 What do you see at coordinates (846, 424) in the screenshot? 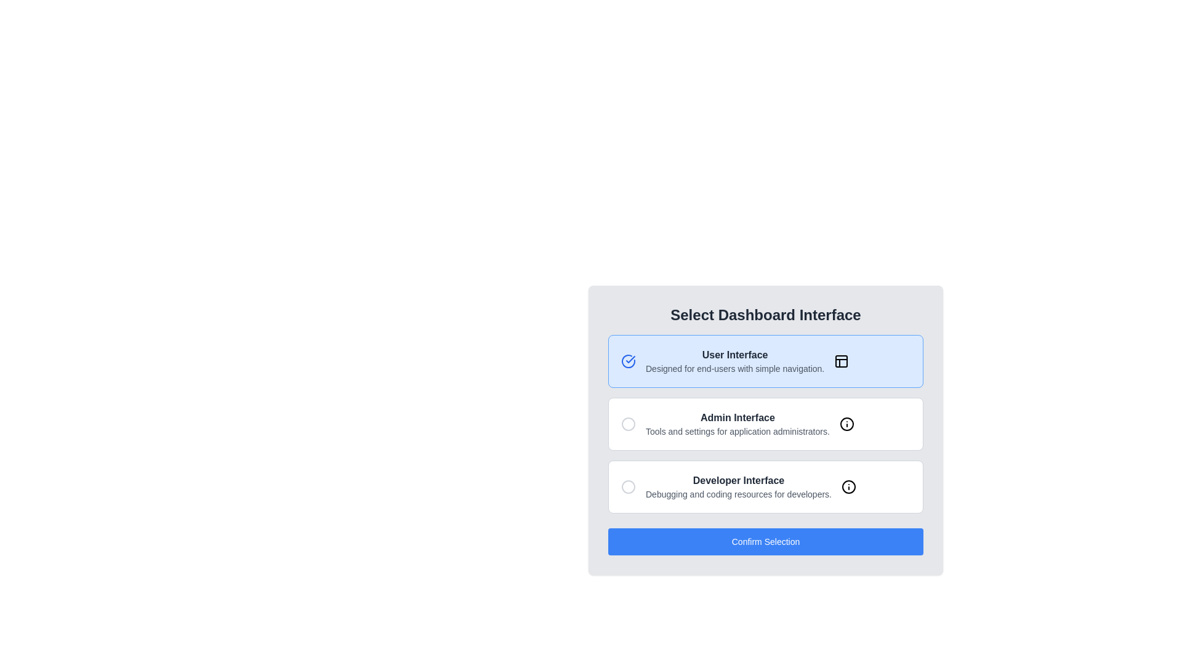
I see `the SVG Circle element that is visually represented as a circular outline with a thin border, located next to the 'Admin Interface' selection option` at bounding box center [846, 424].